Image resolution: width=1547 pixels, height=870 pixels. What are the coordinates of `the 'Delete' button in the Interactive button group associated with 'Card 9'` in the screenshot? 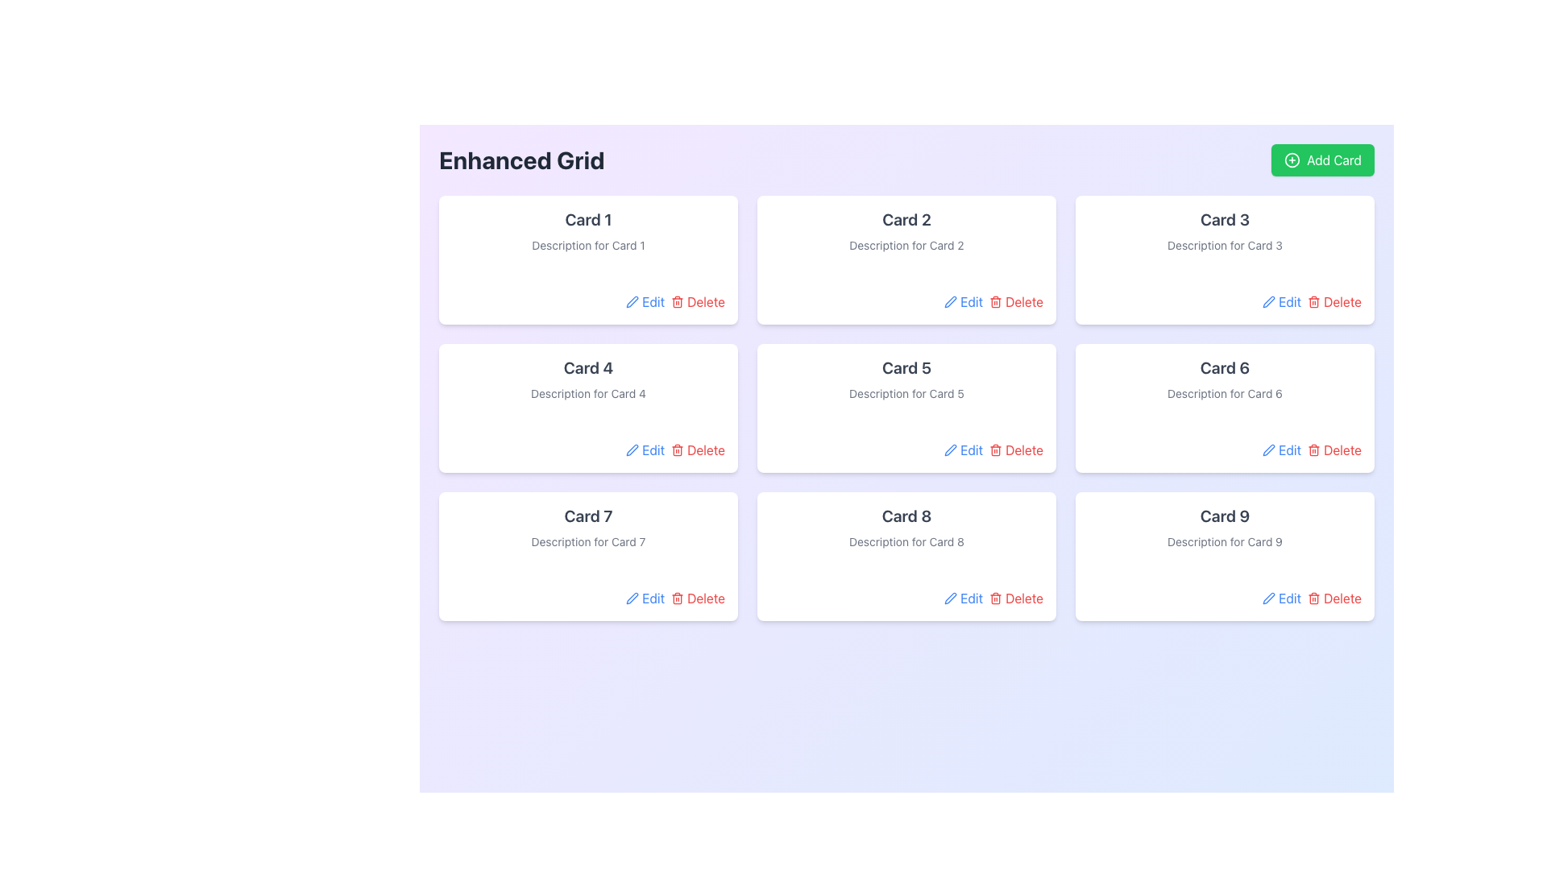 It's located at (1225, 599).